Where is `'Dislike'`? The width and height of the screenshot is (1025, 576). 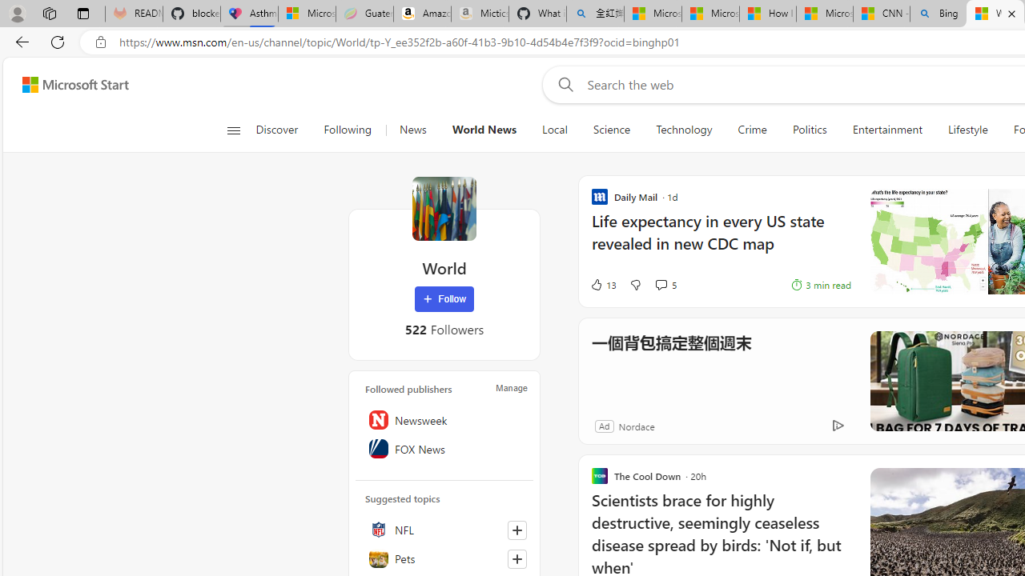 'Dislike' is located at coordinates (634, 284).